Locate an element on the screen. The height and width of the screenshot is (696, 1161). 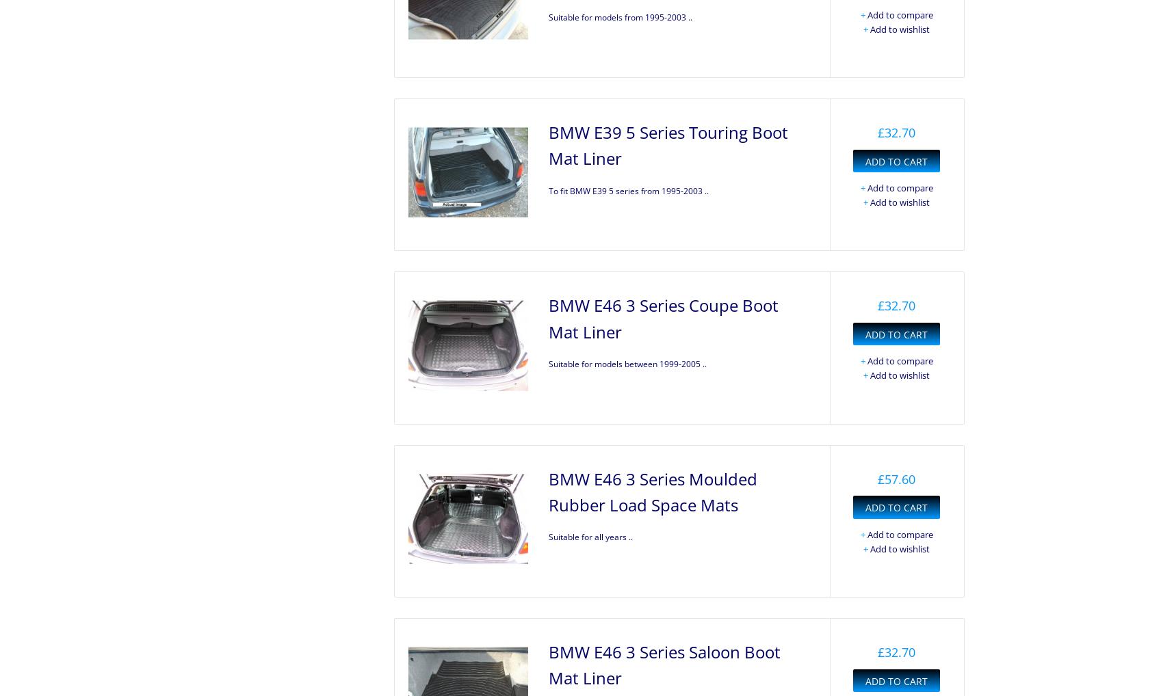
'To fit BMW E39 5 series from 1995-2003
..' is located at coordinates (627, 190).